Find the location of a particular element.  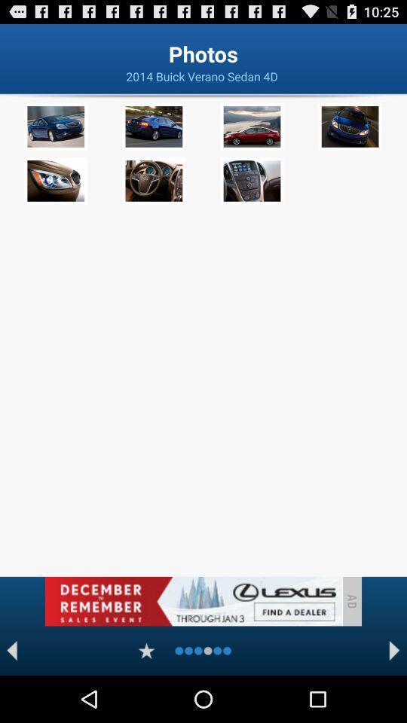

previous is located at coordinates (11, 650).